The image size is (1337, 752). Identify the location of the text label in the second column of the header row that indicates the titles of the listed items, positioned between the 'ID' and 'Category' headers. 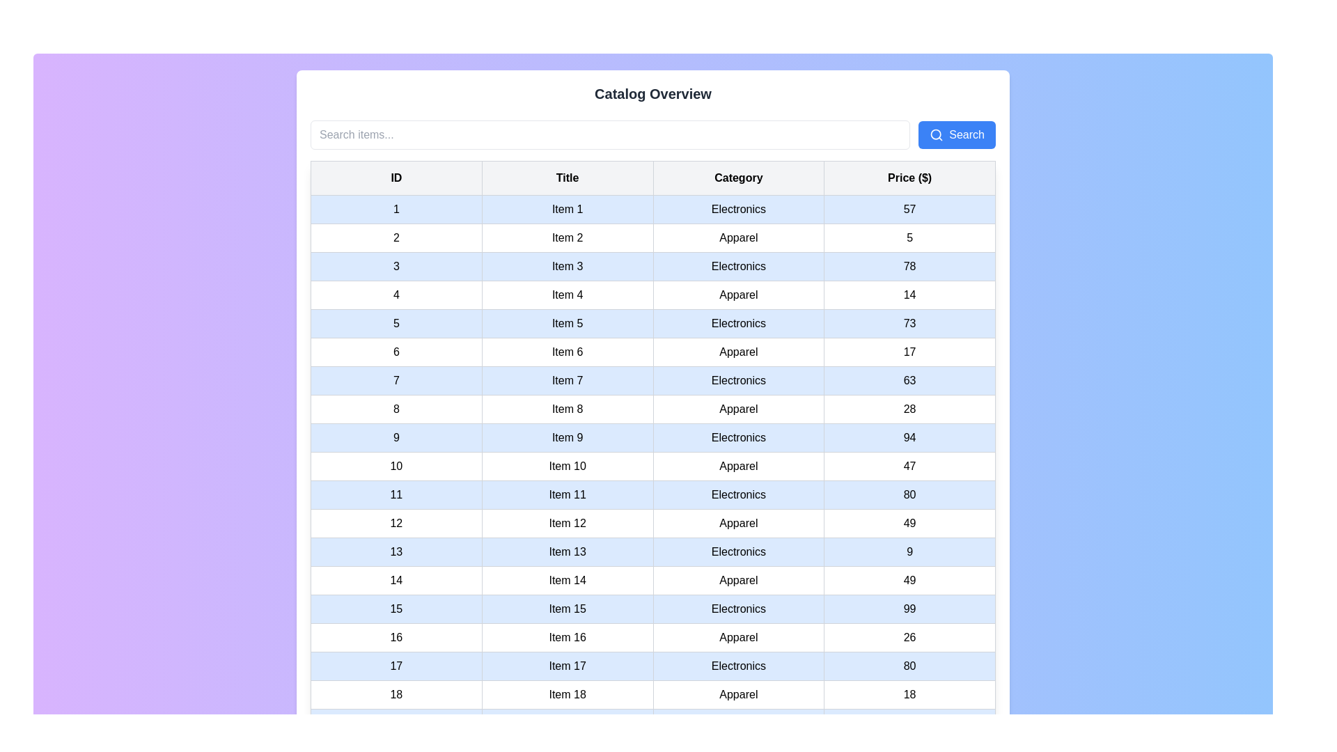
(568, 177).